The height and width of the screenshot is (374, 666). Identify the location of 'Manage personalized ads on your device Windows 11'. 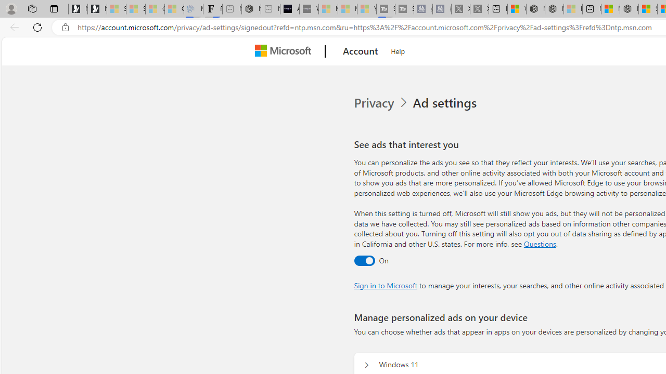
(366, 365).